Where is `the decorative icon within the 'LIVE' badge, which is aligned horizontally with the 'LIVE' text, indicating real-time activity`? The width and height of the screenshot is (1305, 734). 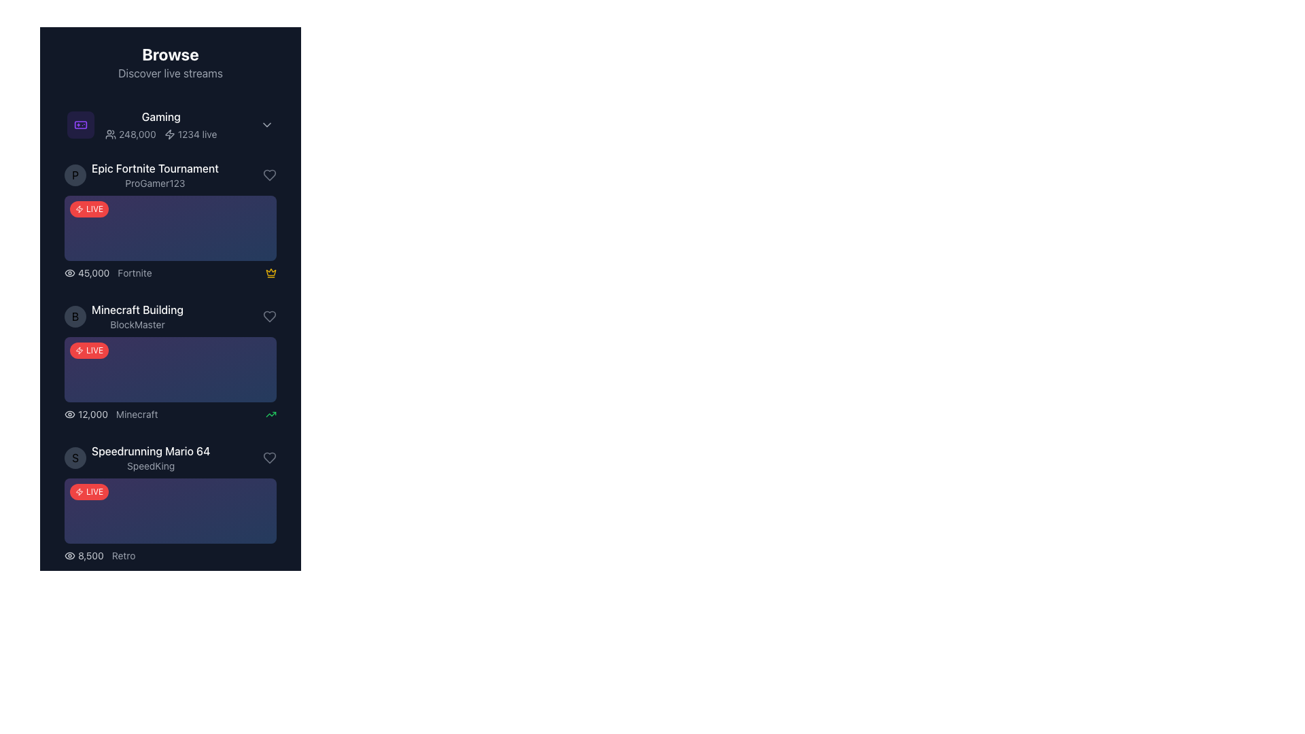
the decorative icon within the 'LIVE' badge, which is aligned horizontally with the 'LIVE' text, indicating real-time activity is located at coordinates (78, 350).